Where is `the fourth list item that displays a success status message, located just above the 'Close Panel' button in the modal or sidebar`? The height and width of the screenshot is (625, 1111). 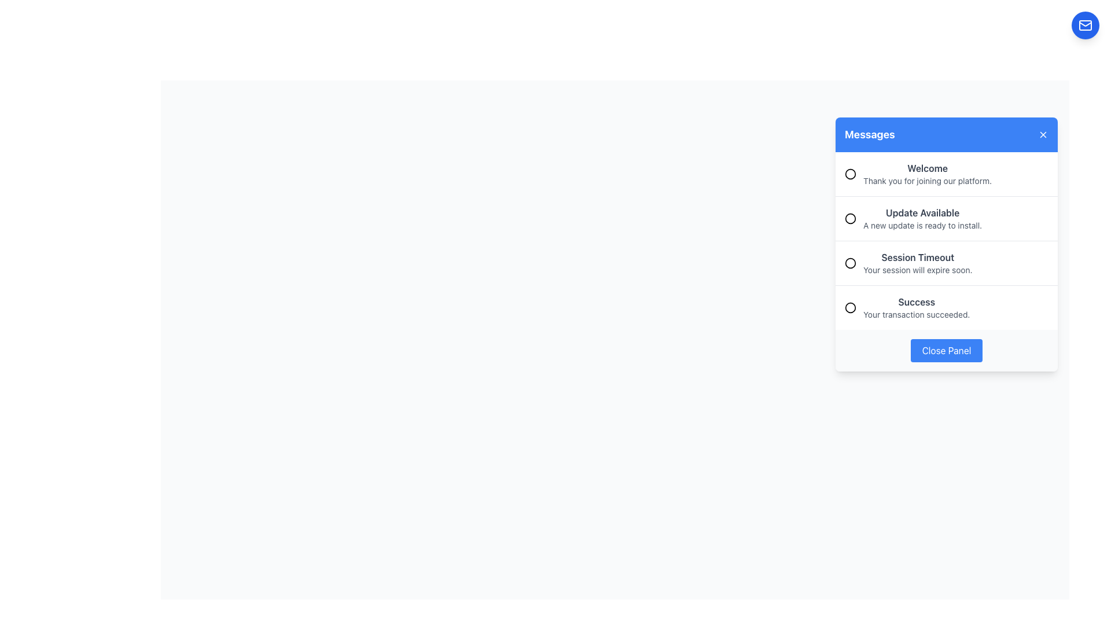
the fourth list item that displays a success status message, located just above the 'Close Panel' button in the modal or sidebar is located at coordinates (947, 307).